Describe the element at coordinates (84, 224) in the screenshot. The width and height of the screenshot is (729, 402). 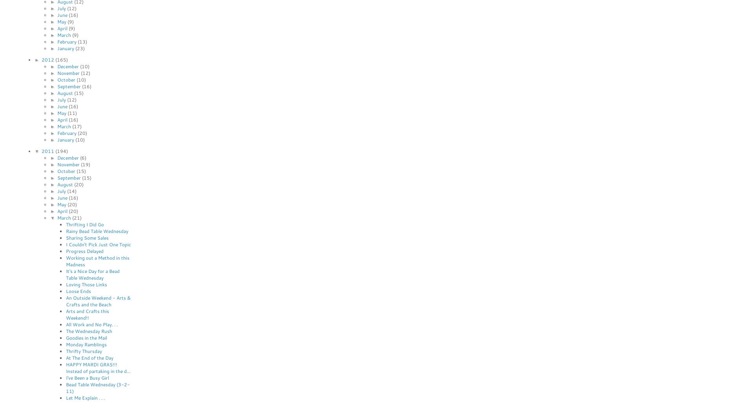
I see `'Thrifting I Did Go'` at that location.